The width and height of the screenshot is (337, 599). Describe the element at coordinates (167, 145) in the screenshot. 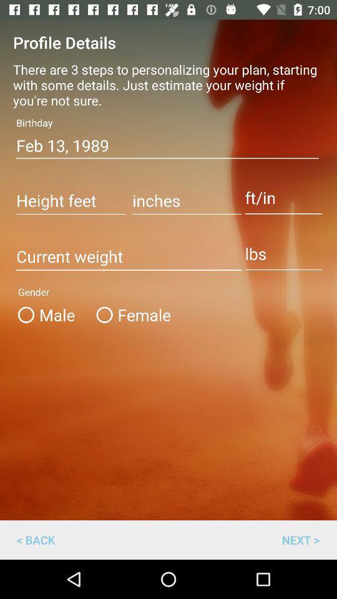

I see `the feb 13, 1989 icon` at that location.